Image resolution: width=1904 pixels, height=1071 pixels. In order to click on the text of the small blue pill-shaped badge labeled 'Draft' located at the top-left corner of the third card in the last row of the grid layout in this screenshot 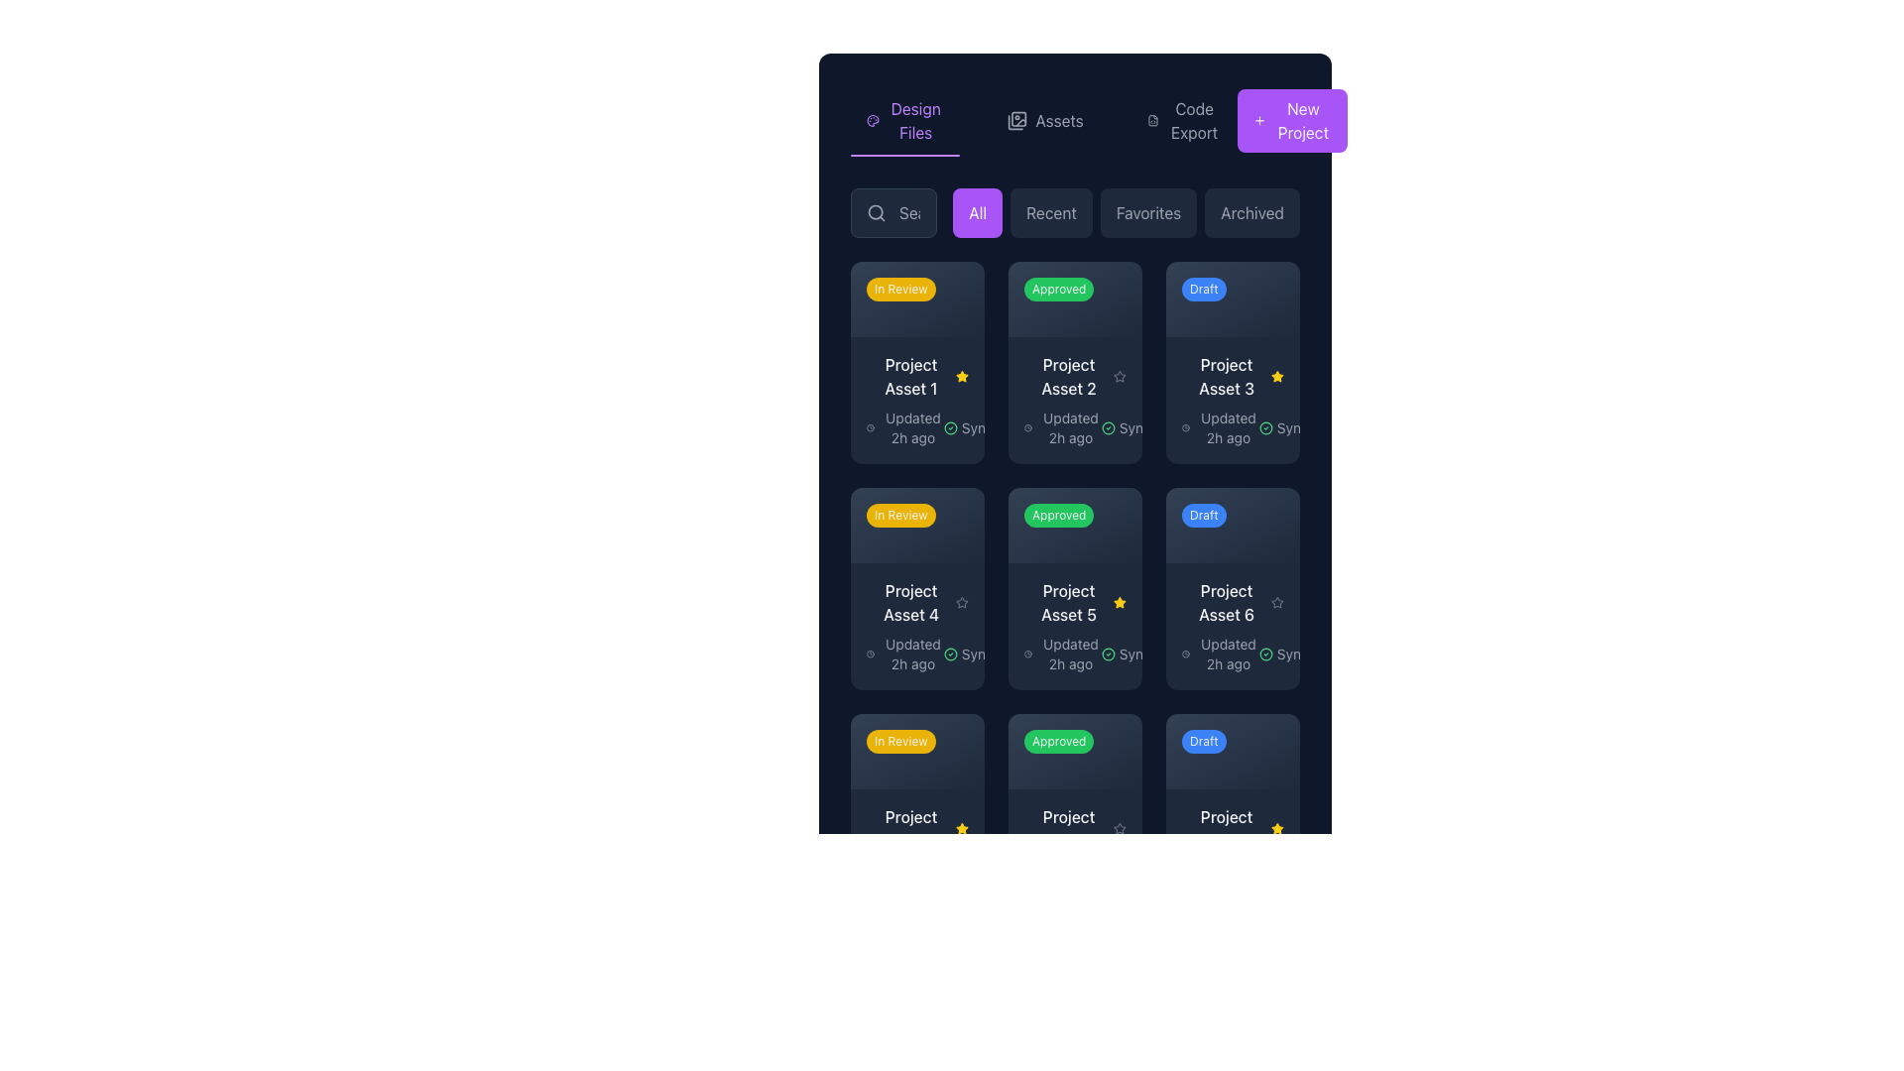, I will do `click(1203, 741)`.